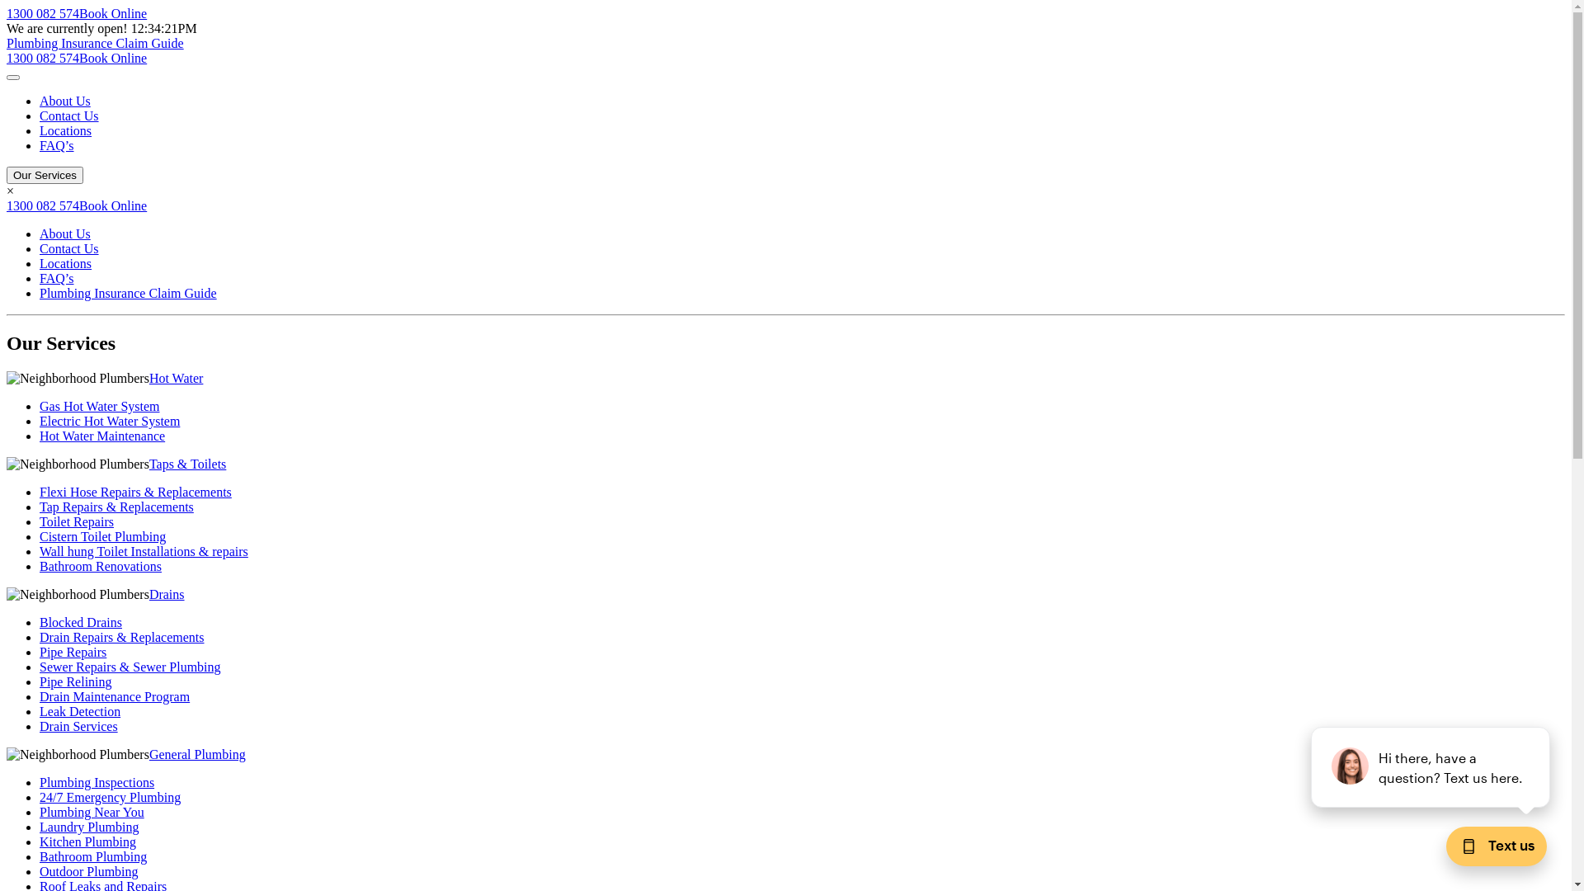  I want to click on 'Flexi Hose Repairs & Replacements', so click(40, 491).